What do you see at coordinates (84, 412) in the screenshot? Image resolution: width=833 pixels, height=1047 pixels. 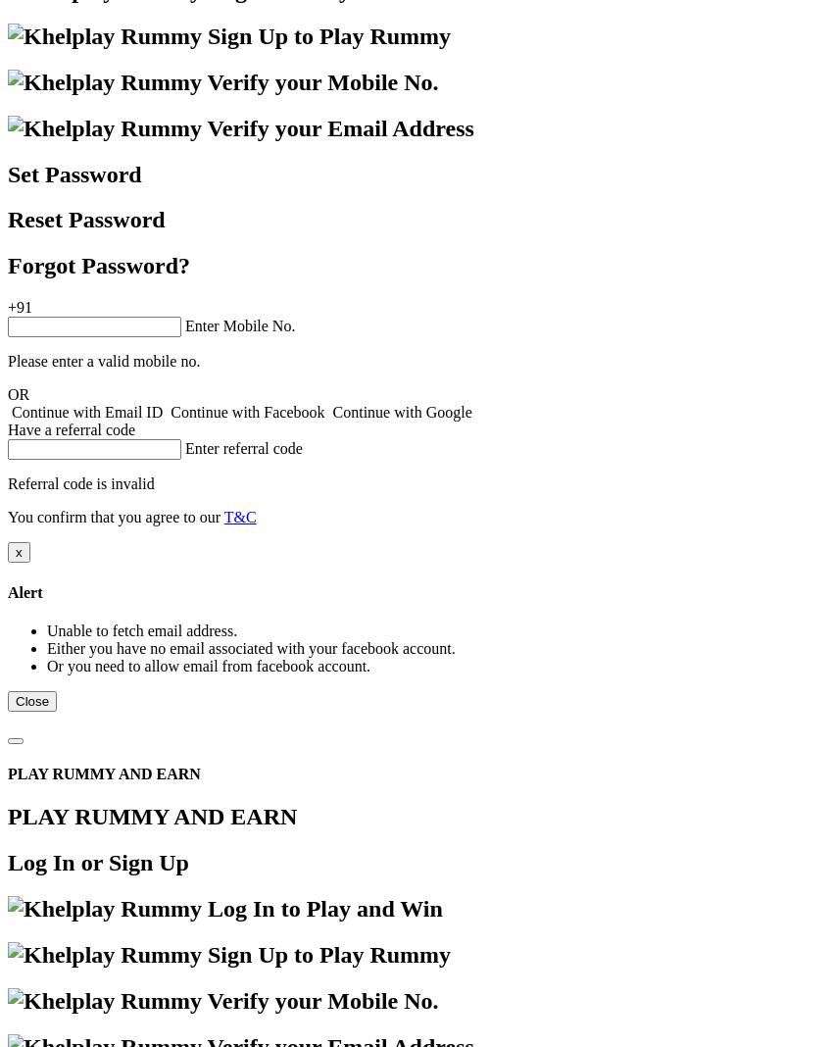 I see `'Continue with Email ID'` at bounding box center [84, 412].